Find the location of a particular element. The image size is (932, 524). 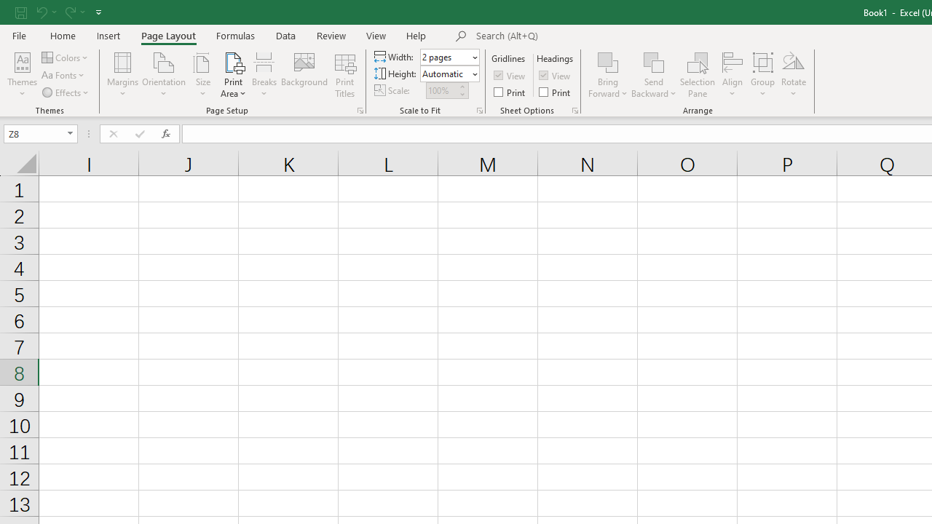

'Group' is located at coordinates (762, 75).